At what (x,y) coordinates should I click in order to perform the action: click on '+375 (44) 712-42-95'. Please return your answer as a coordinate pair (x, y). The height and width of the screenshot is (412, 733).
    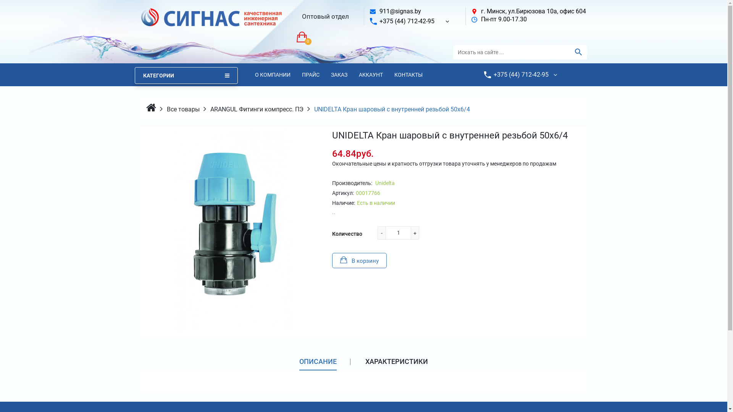
    Looking at the image, I should click on (406, 21).